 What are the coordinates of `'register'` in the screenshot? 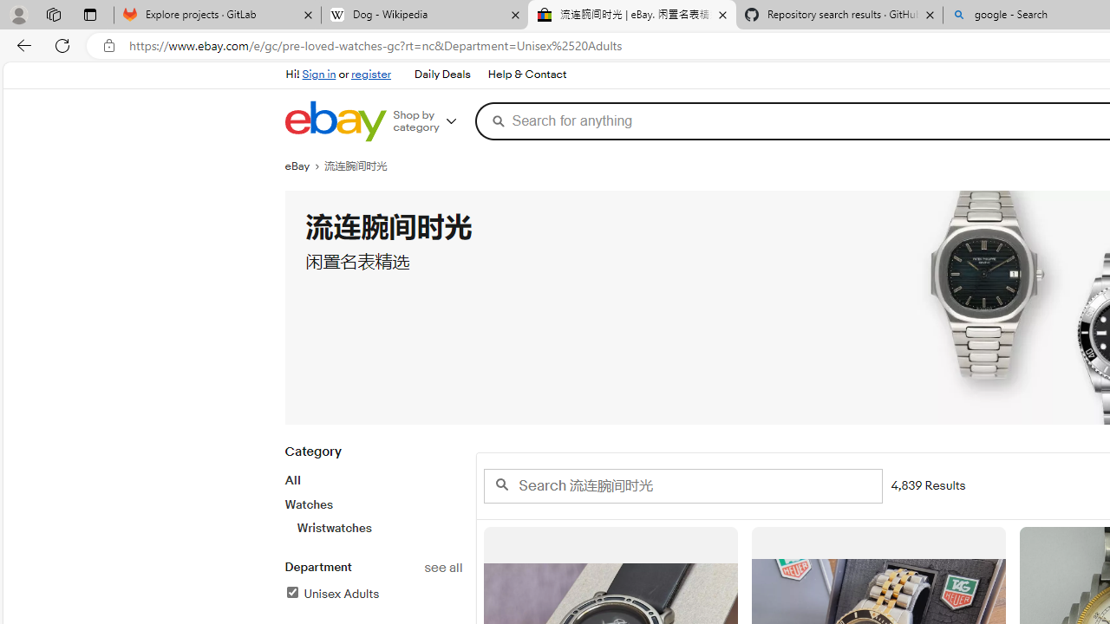 It's located at (370, 74).